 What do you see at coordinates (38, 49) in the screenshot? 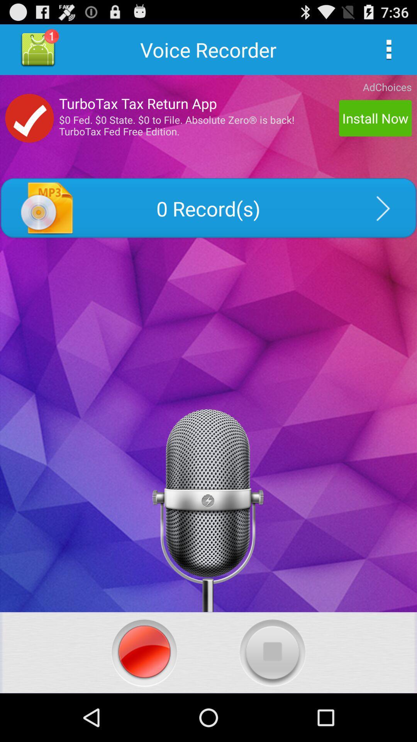
I see `profile button` at bounding box center [38, 49].